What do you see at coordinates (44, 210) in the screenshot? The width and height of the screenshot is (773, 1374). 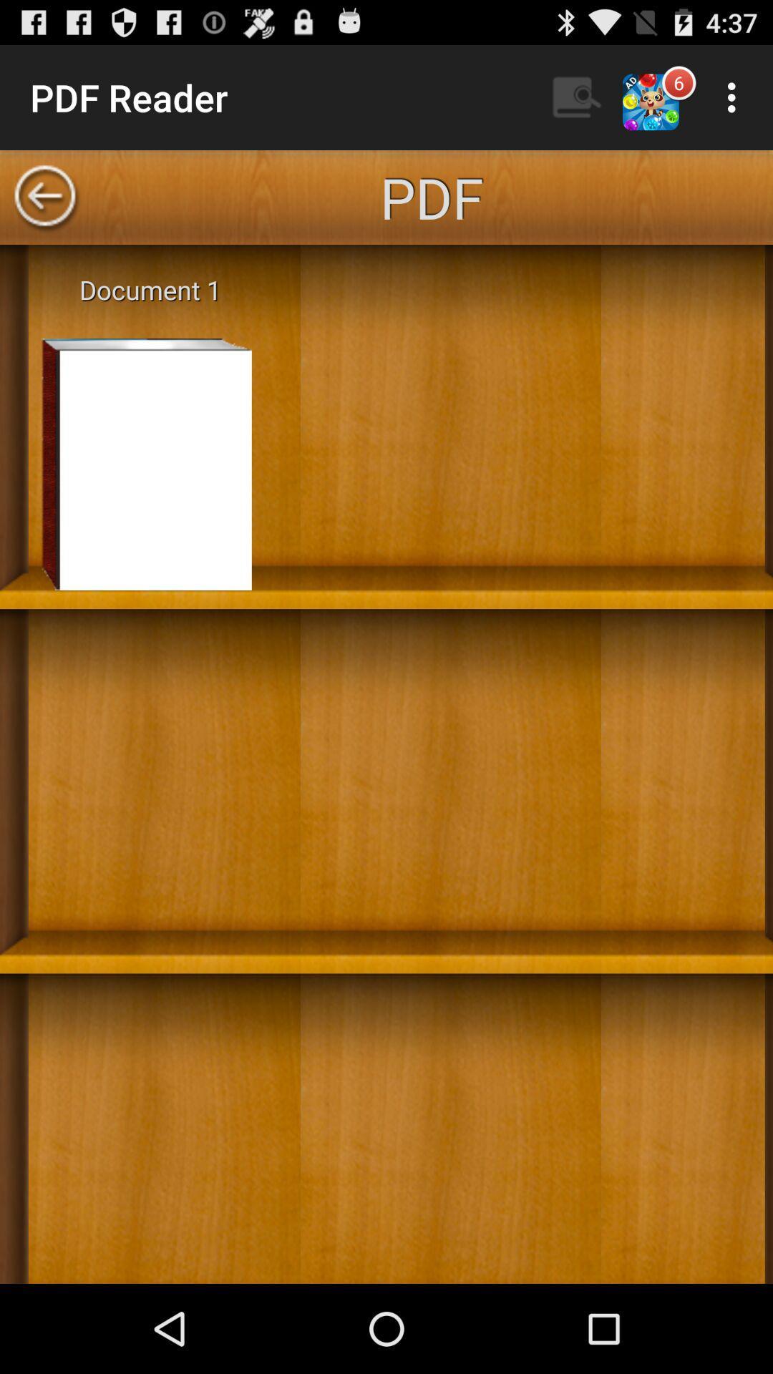 I see `the arrow_backward icon` at bounding box center [44, 210].